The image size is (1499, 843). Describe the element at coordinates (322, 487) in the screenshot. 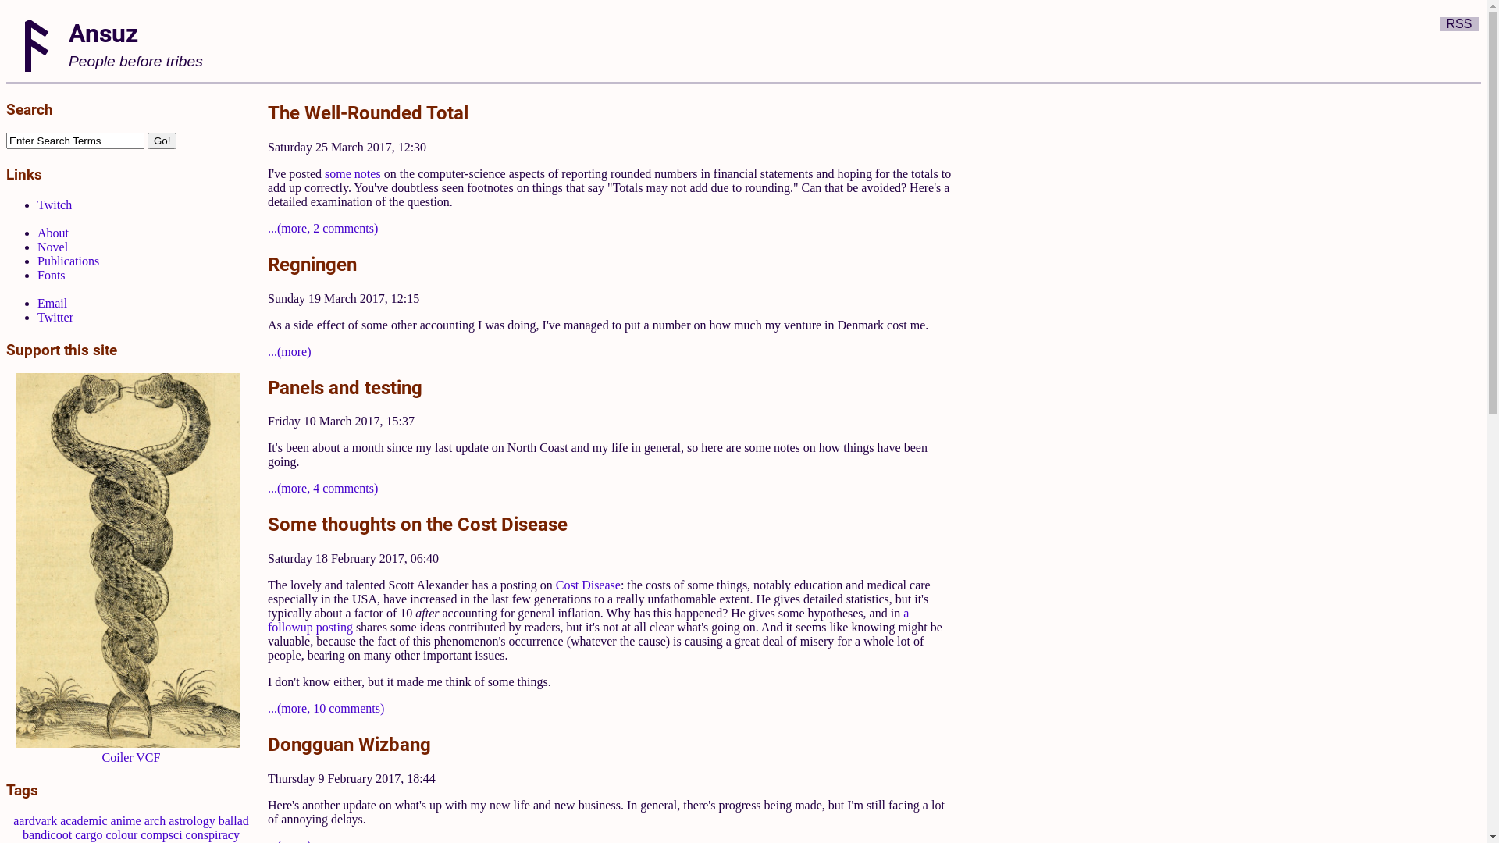

I see `'...(more, 4 comments)'` at that location.